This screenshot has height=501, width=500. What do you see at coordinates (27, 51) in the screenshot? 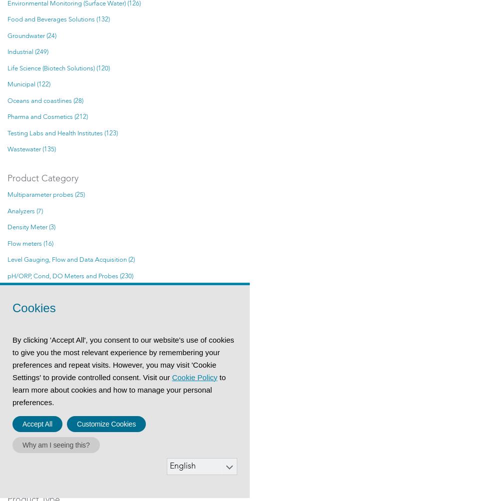
I see `'Industrial (249)'` at bounding box center [27, 51].